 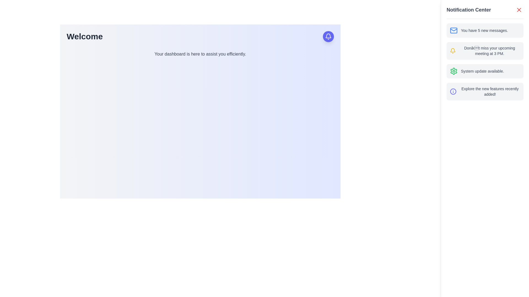 I want to click on the circular information icon with a blue outline located in the Notification Center, so click(x=453, y=91).